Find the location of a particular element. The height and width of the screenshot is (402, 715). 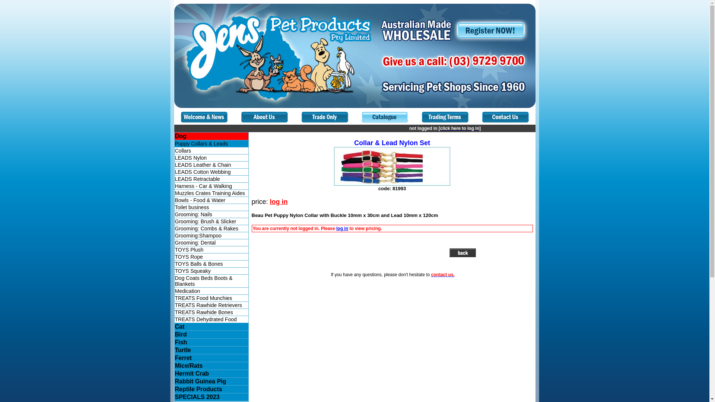

'TREATS Rawhide Retrievers' is located at coordinates (174, 305).